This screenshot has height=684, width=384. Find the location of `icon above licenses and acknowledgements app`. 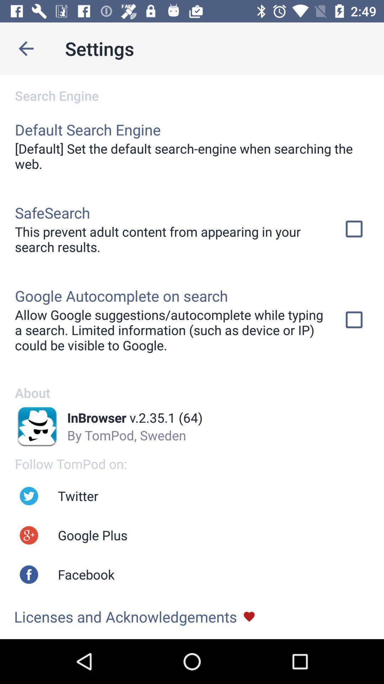

icon above licenses and acknowledgements app is located at coordinates (86, 574).